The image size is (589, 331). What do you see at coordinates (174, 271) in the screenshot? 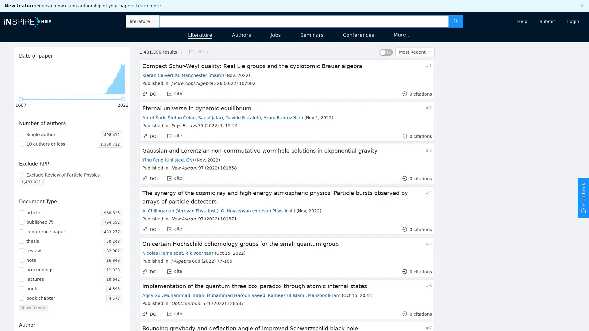
I see `export cite` at bounding box center [174, 271].